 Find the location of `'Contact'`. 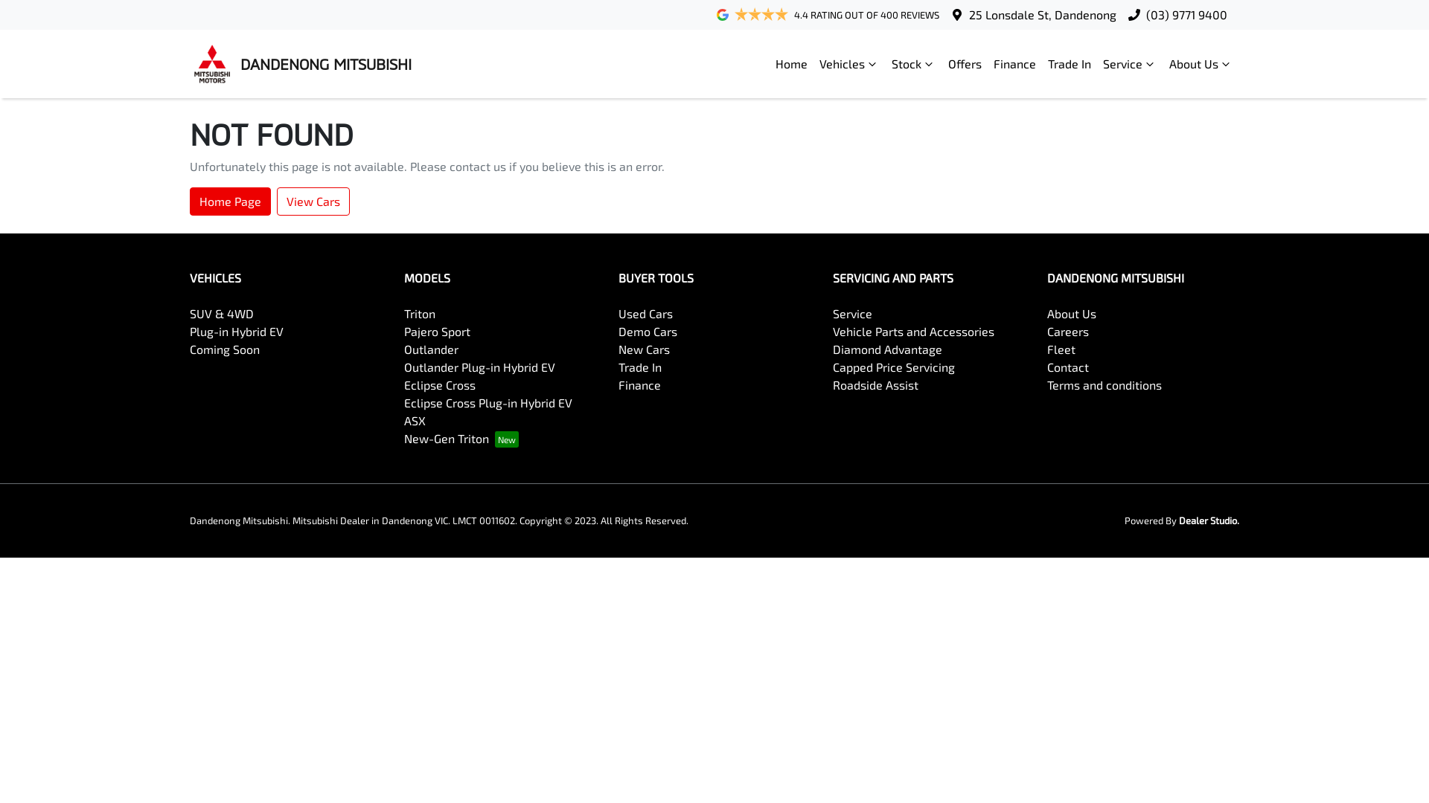

'Contact' is located at coordinates (1067, 367).